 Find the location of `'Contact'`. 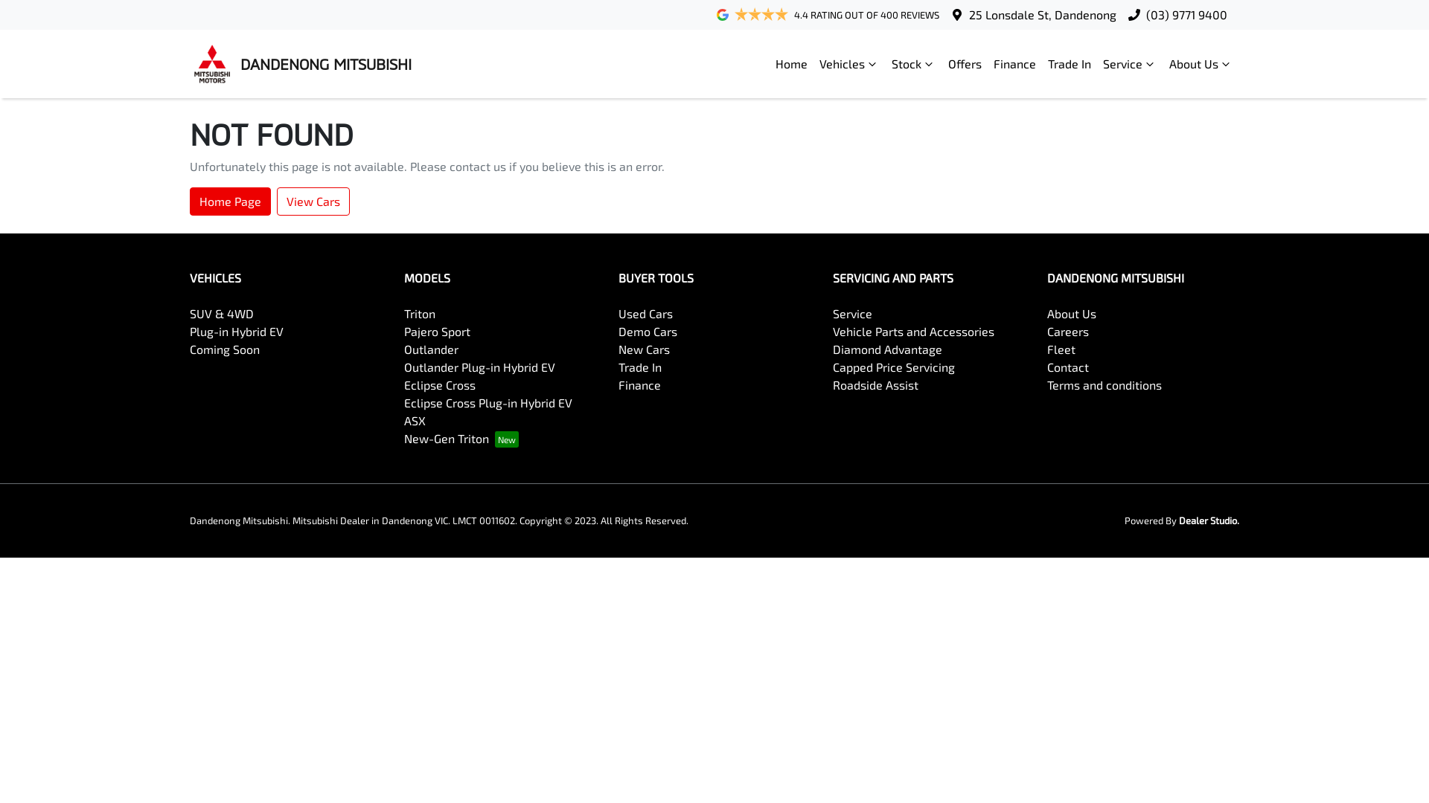

'Contact' is located at coordinates (1067, 367).